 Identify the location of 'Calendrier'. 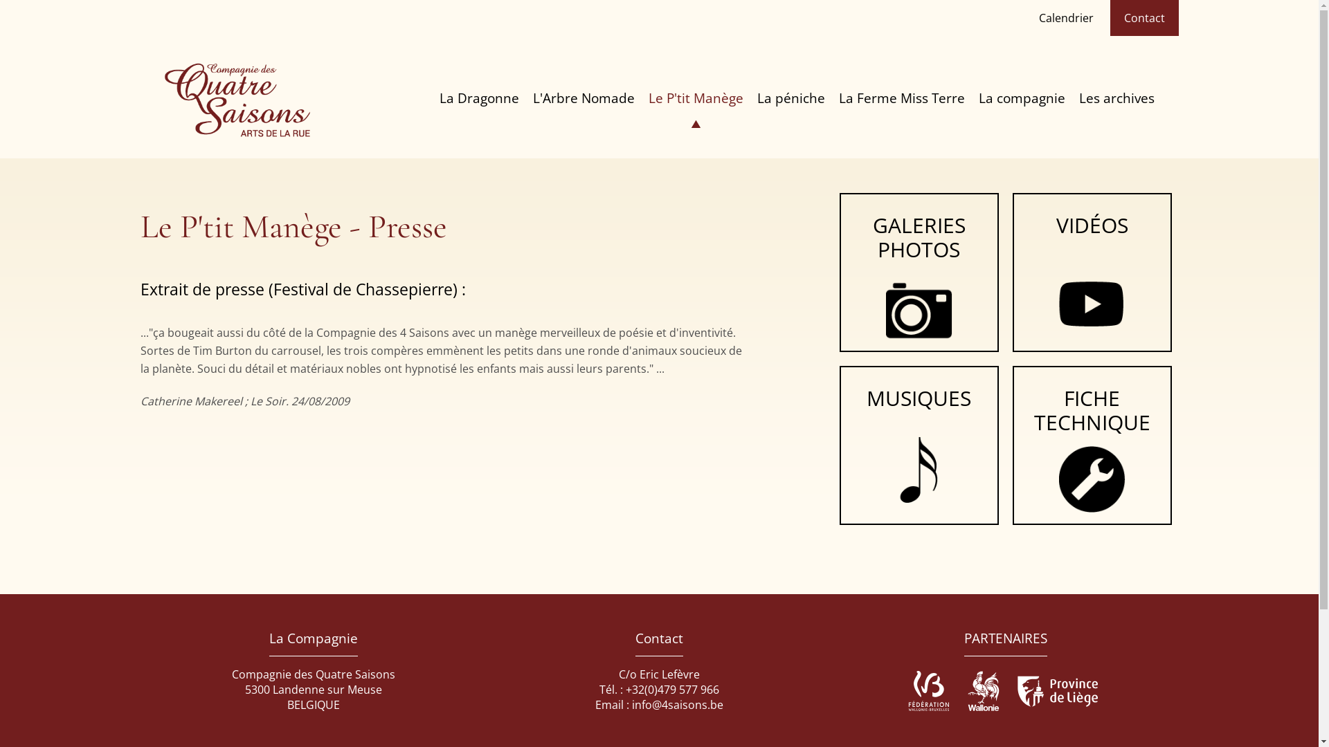
(1065, 18).